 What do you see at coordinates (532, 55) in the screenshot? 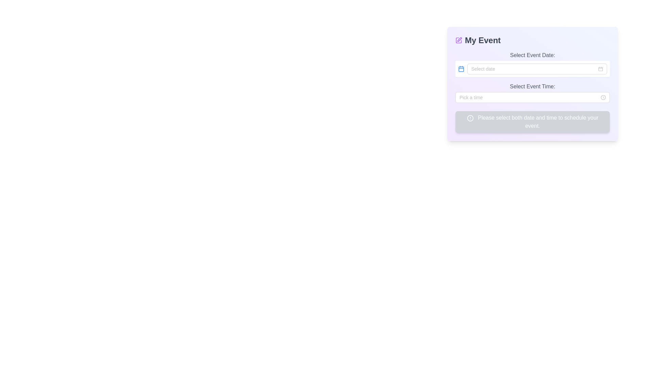
I see `the text label 'Select Event Date:' which is positioned above the date-picker input field in a form-like interface` at bounding box center [532, 55].